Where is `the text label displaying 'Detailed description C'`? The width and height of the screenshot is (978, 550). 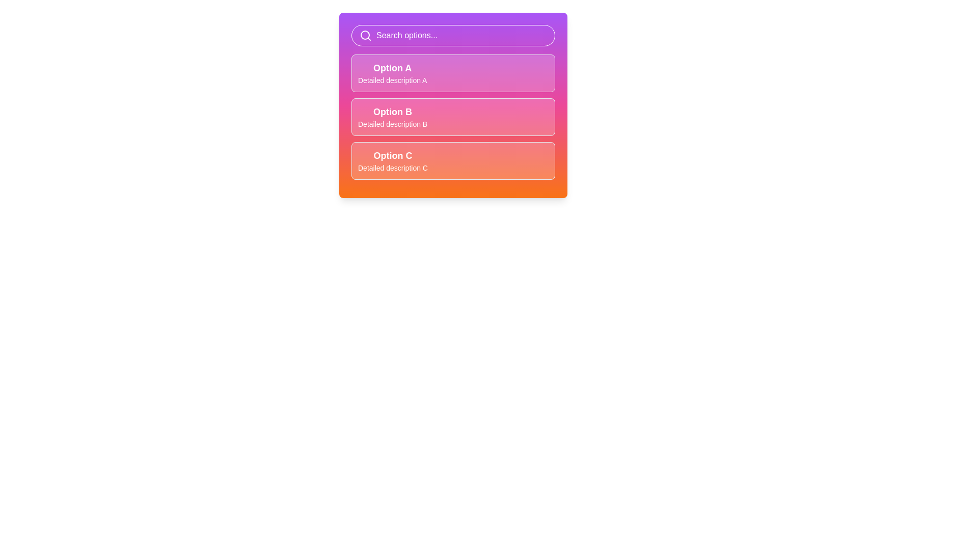
the text label displaying 'Detailed description C' is located at coordinates (392, 168).